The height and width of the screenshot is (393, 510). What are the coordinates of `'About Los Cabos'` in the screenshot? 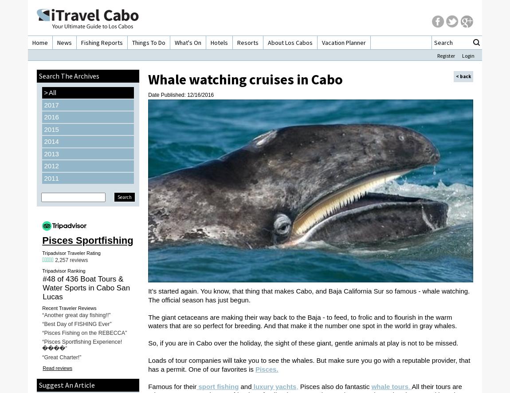 It's located at (290, 43).